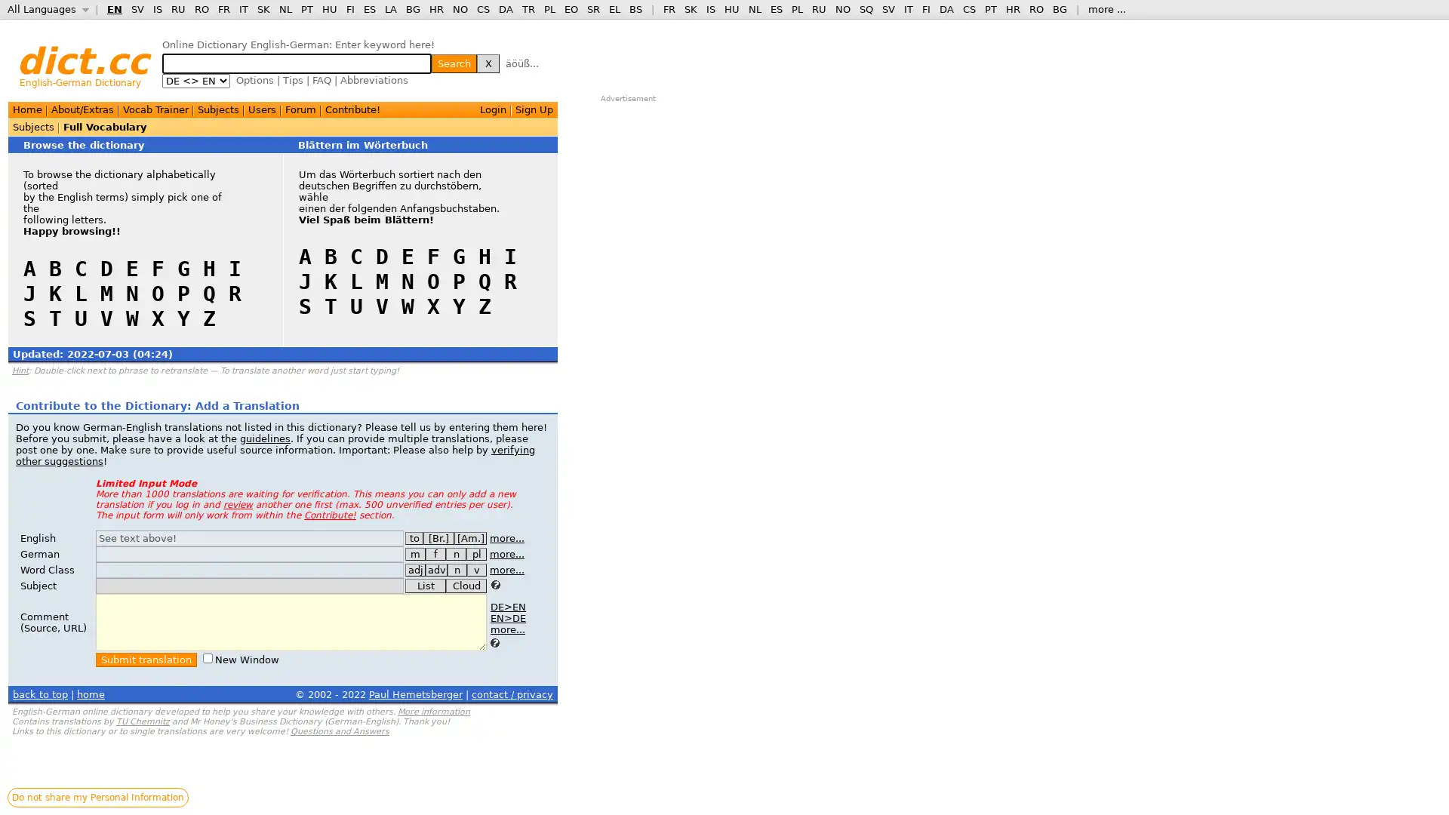 This screenshot has height=815, width=1449. Describe the element at coordinates (475, 554) in the screenshot. I see `pl` at that location.